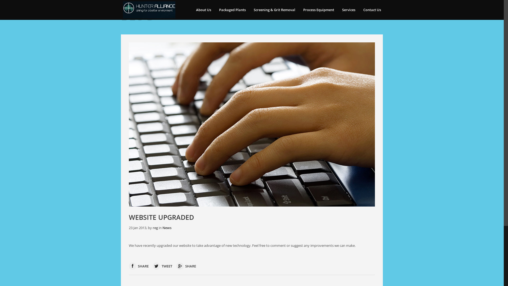 This screenshot has width=508, height=286. I want to click on 'Screening & Grit Removal', so click(274, 10).